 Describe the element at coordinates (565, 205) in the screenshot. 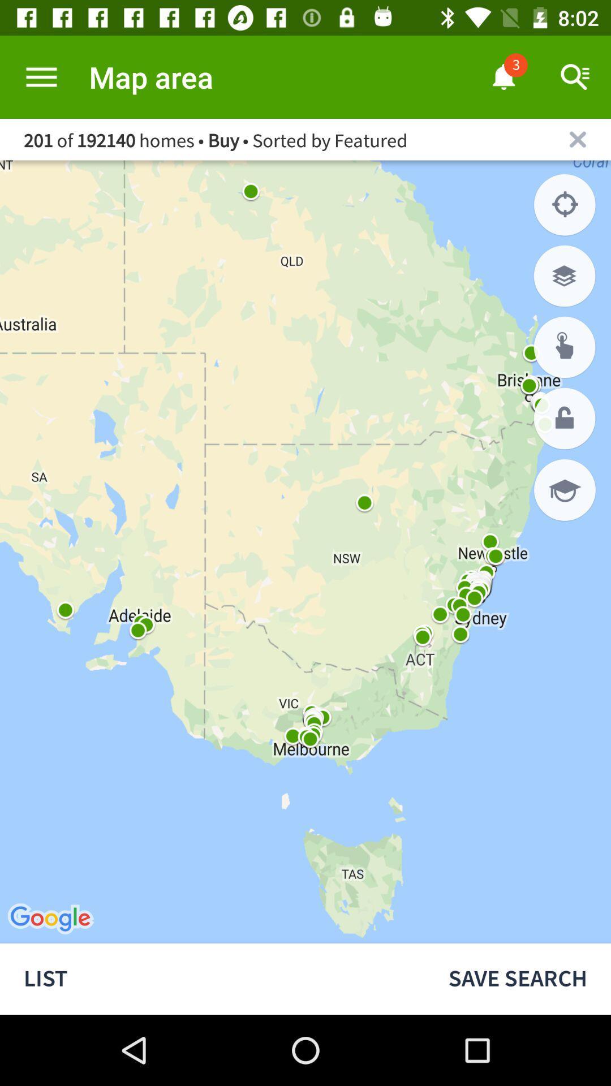

I see `icon below 201 of 192140 item` at that location.